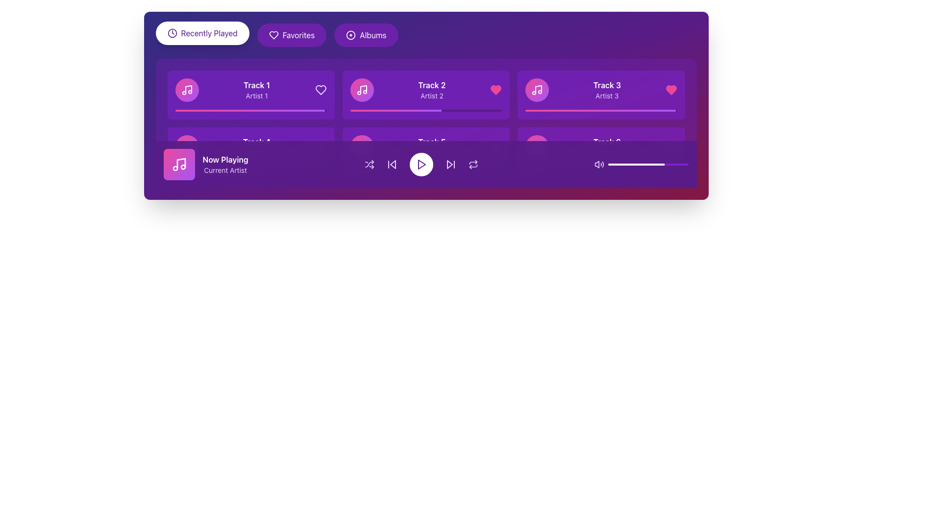 The height and width of the screenshot is (529, 941). What do you see at coordinates (179, 164) in the screenshot?
I see `the music icon located in the bottom-left area of the Now Playing section, which serves as an indicator for audio-related content` at bounding box center [179, 164].